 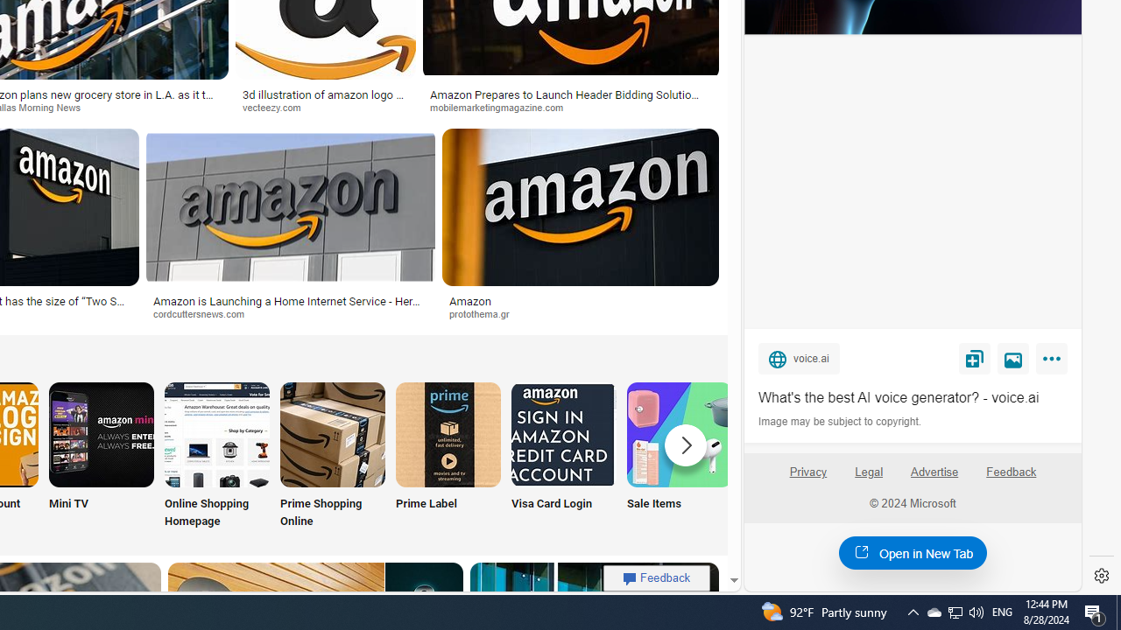 I want to click on 'mobilemarketingmagazine.com', so click(x=571, y=108).